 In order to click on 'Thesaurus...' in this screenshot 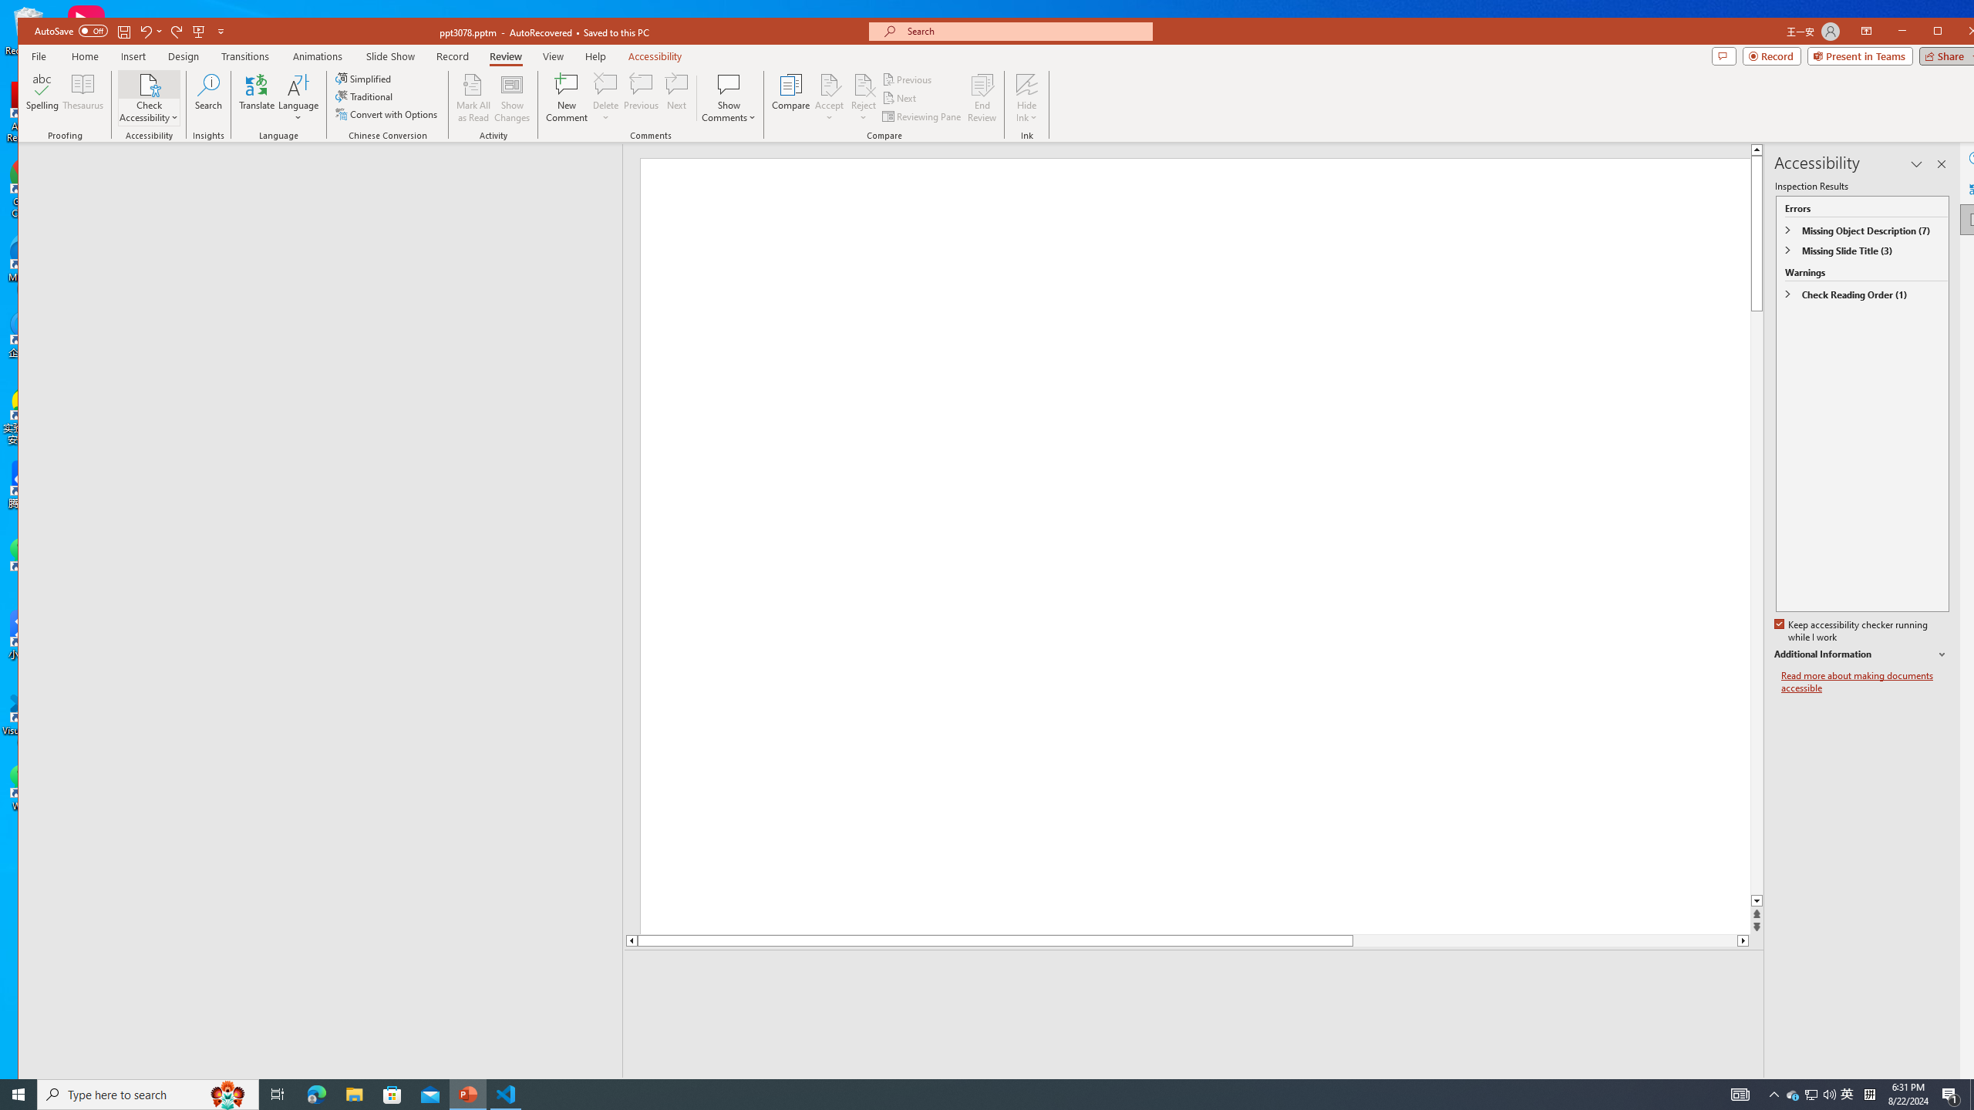, I will do `click(83, 97)`.